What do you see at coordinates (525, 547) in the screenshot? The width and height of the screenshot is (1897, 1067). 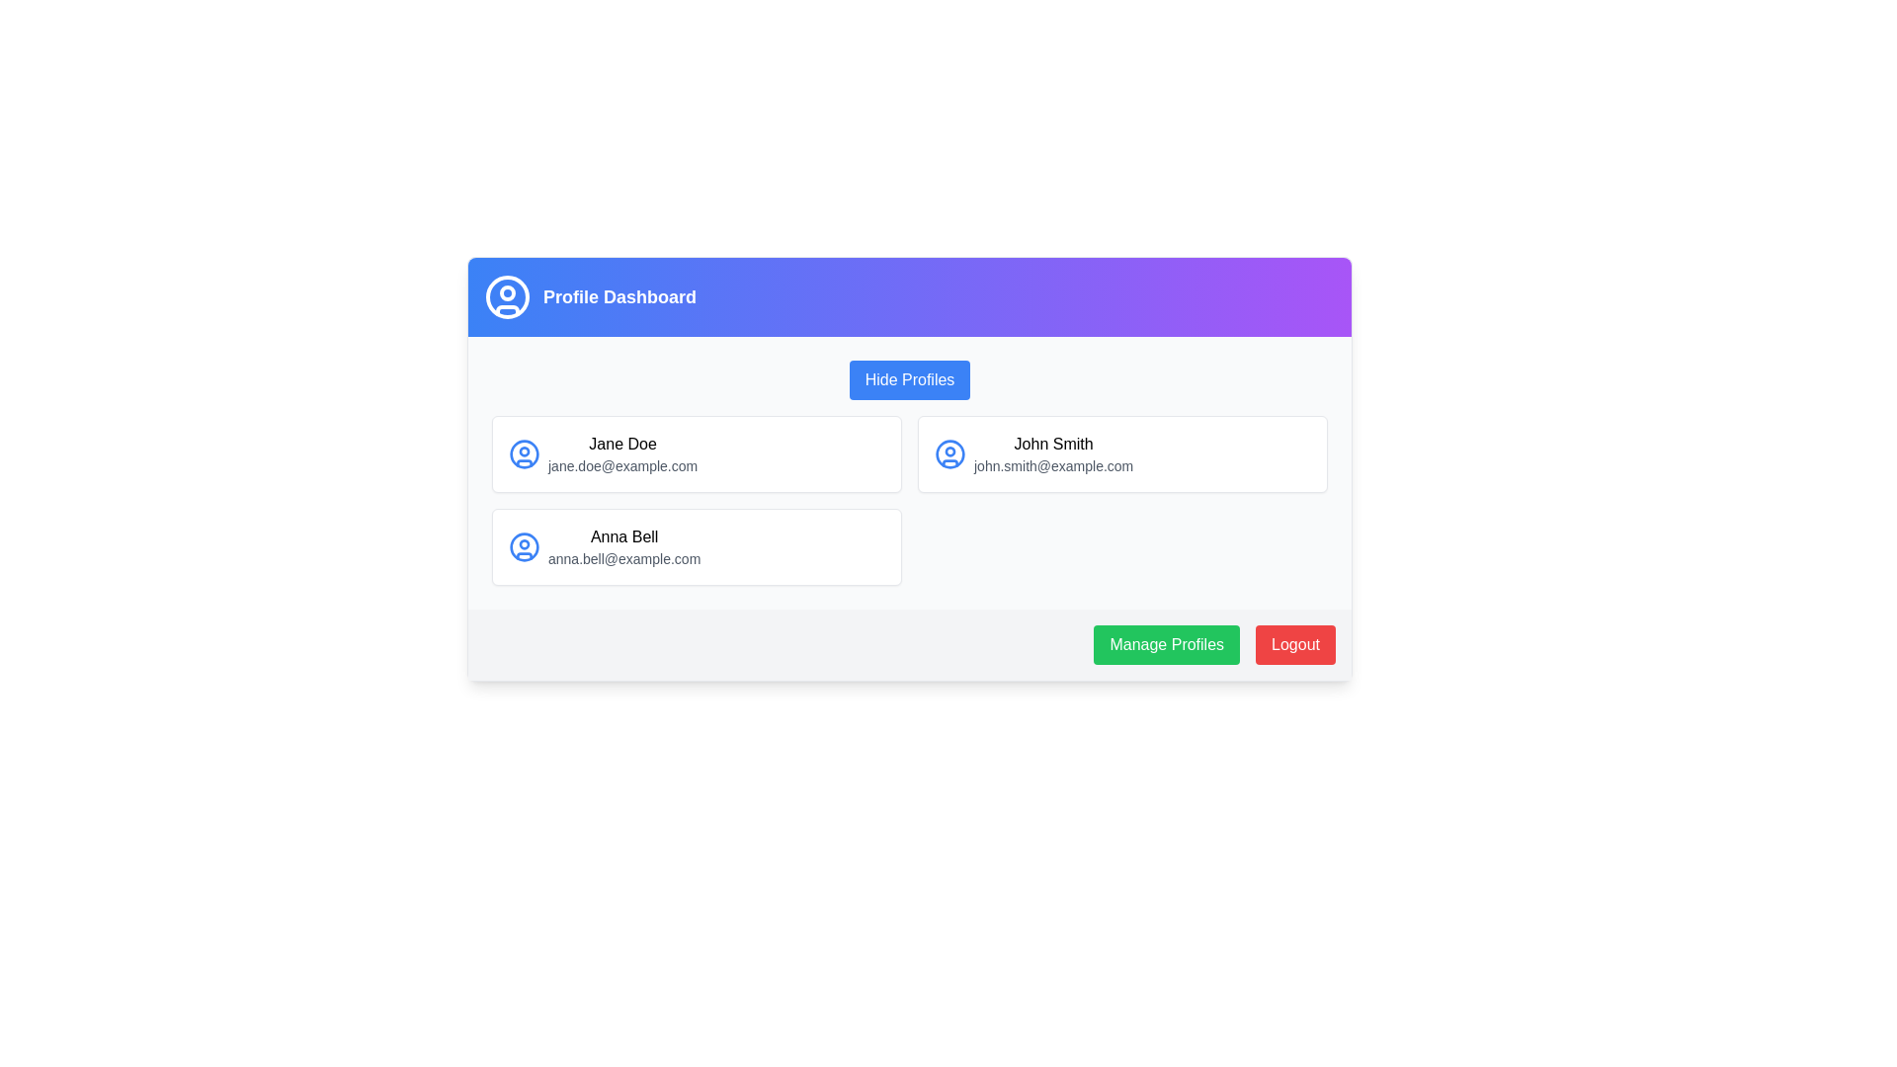 I see `the Decorative Circle that outlines the user profile icon, which is the outermost circle in the profile section` at bounding box center [525, 547].